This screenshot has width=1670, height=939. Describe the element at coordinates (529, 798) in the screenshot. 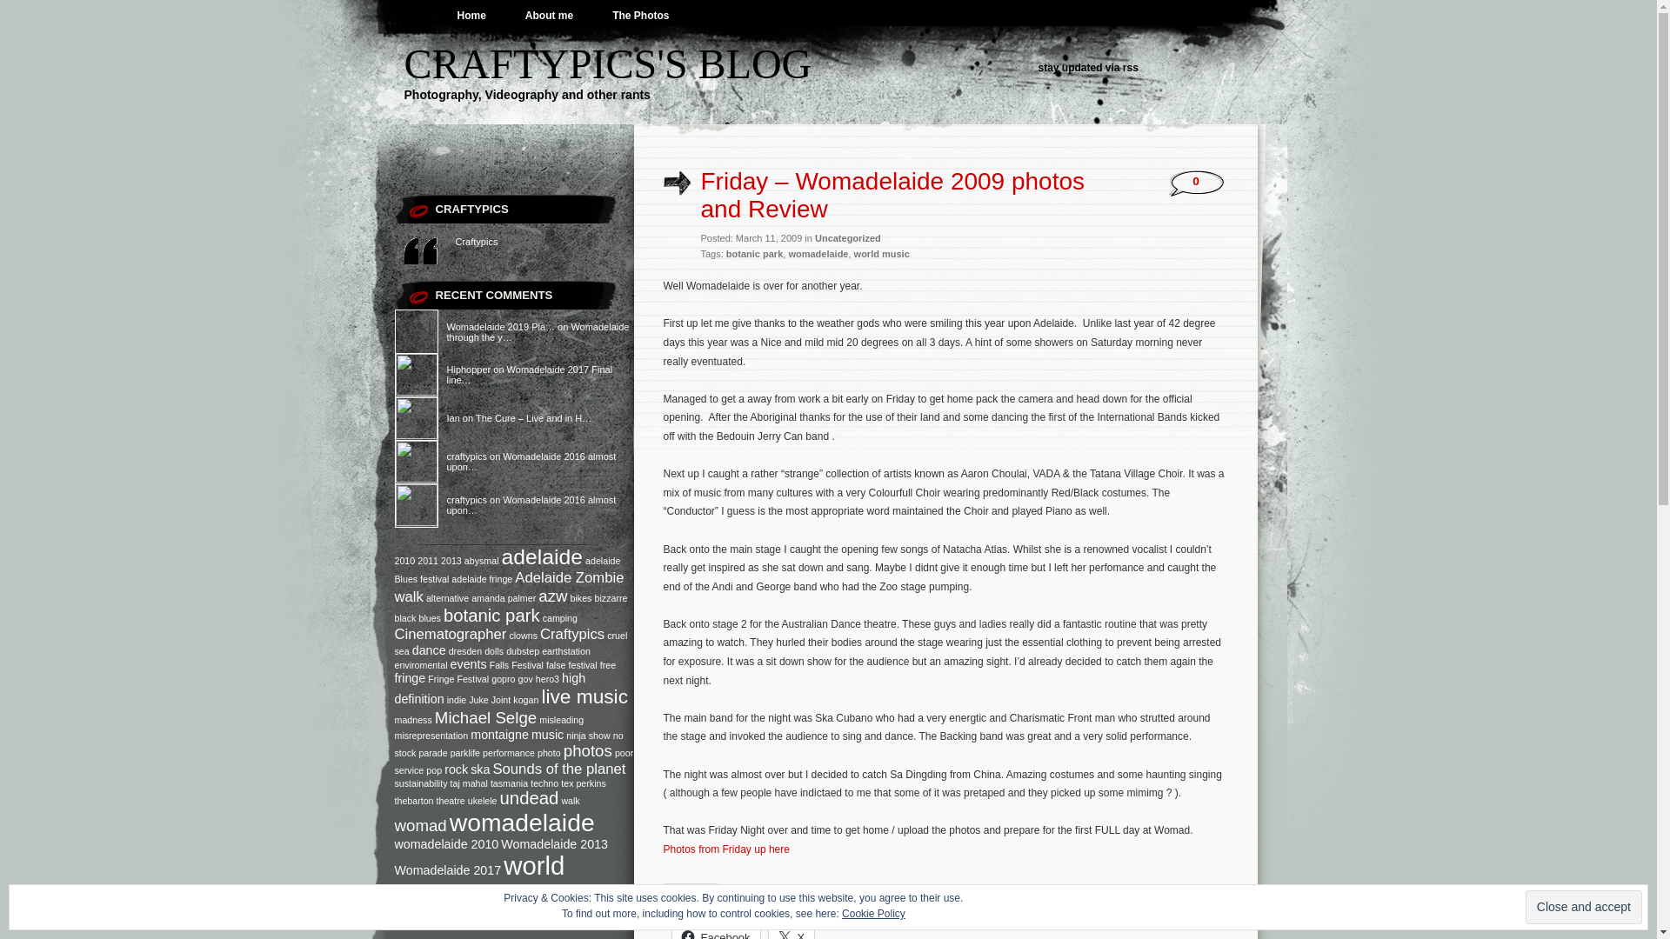

I see `'undead'` at that location.